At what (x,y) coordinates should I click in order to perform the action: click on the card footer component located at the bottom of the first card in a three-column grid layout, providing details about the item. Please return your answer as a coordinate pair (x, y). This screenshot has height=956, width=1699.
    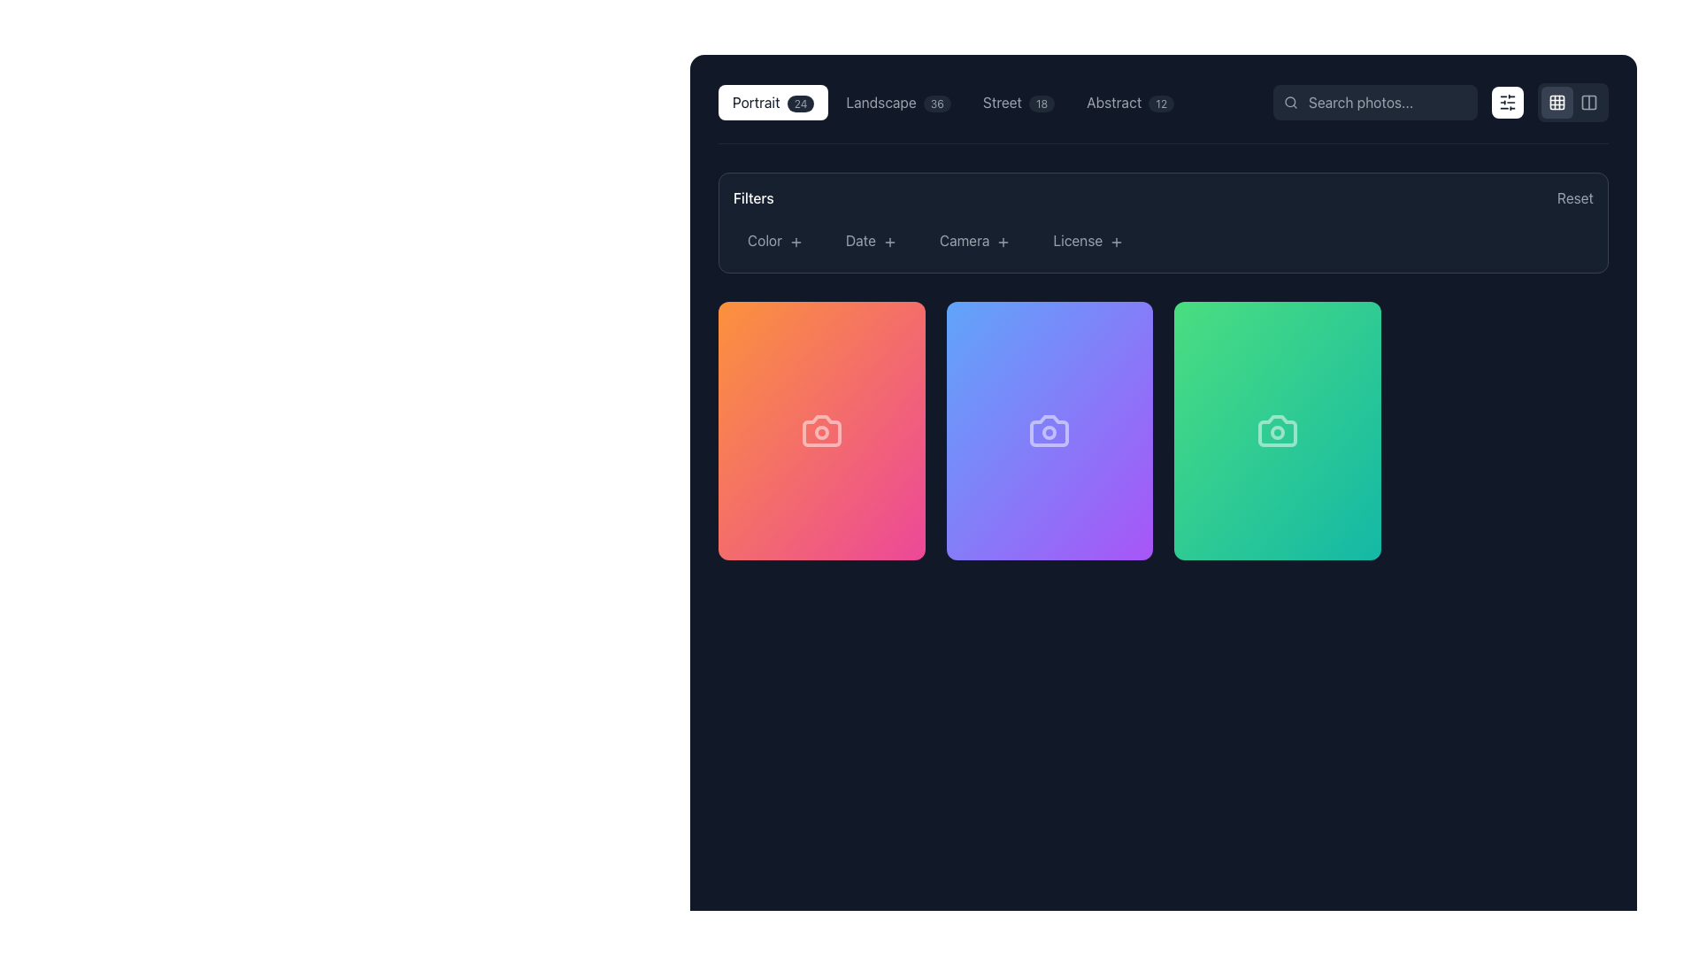
    Looking at the image, I should click on (820, 512).